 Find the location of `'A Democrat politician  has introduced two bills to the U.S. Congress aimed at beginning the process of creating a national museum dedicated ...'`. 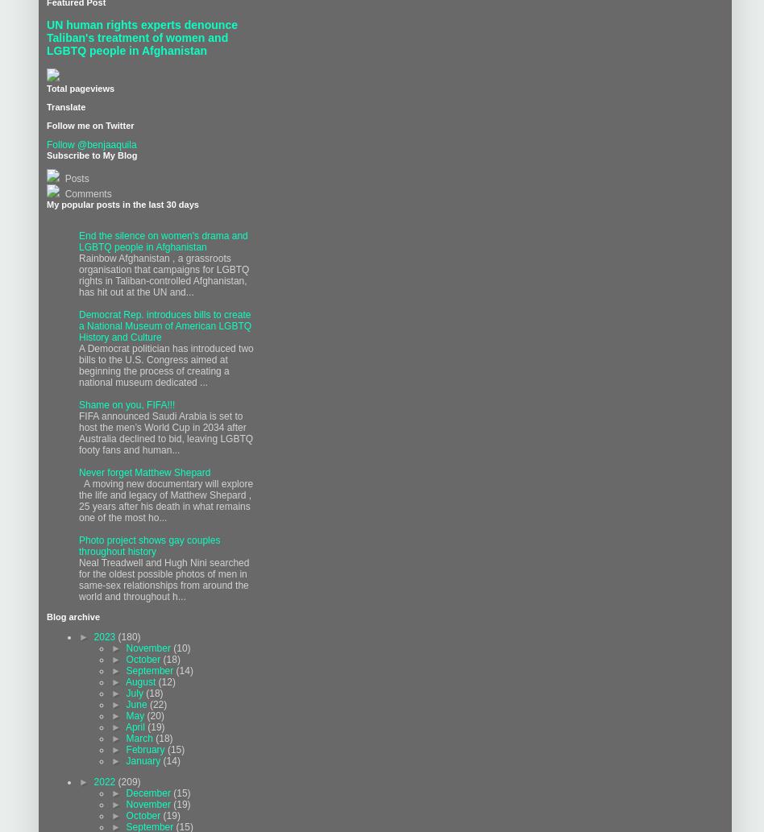

'A Democrat politician  has introduced two bills to the U.S. Congress aimed at beginning the process of creating a national museum dedicated ...' is located at coordinates (165, 366).